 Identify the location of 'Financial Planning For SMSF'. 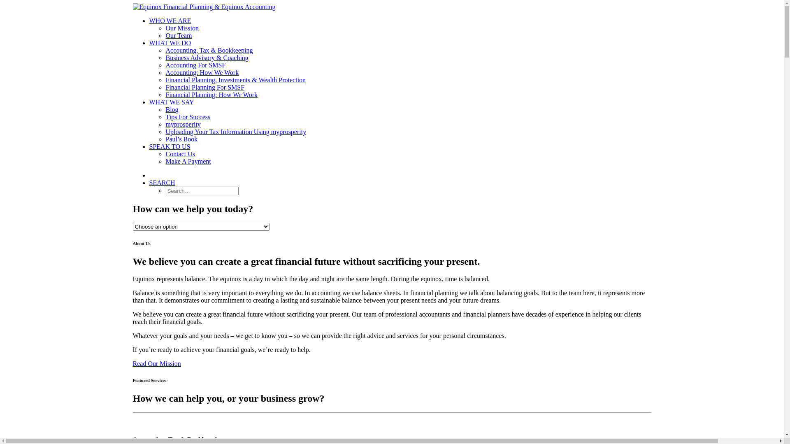
(205, 87).